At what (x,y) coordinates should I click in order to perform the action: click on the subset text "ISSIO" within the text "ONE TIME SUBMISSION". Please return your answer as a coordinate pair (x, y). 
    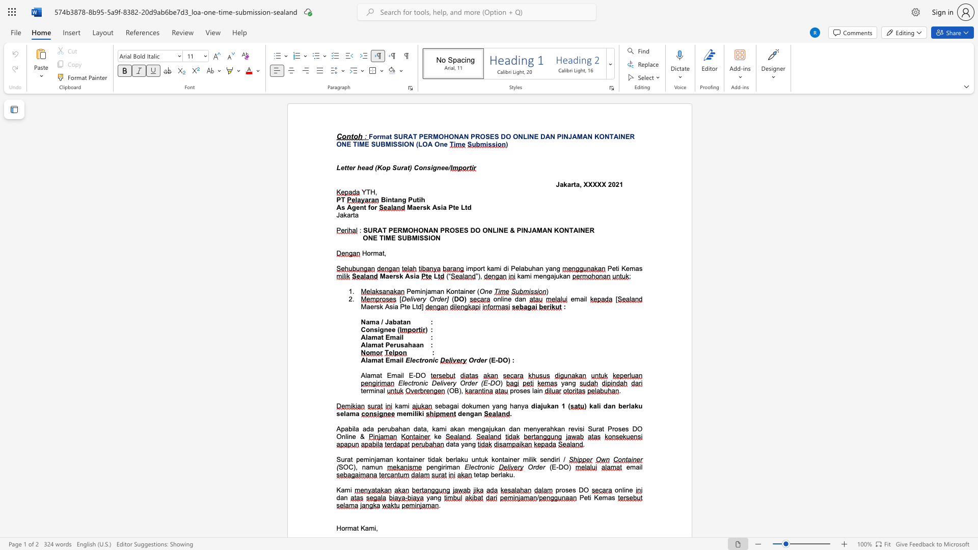
    Looking at the image, I should click on (417, 238).